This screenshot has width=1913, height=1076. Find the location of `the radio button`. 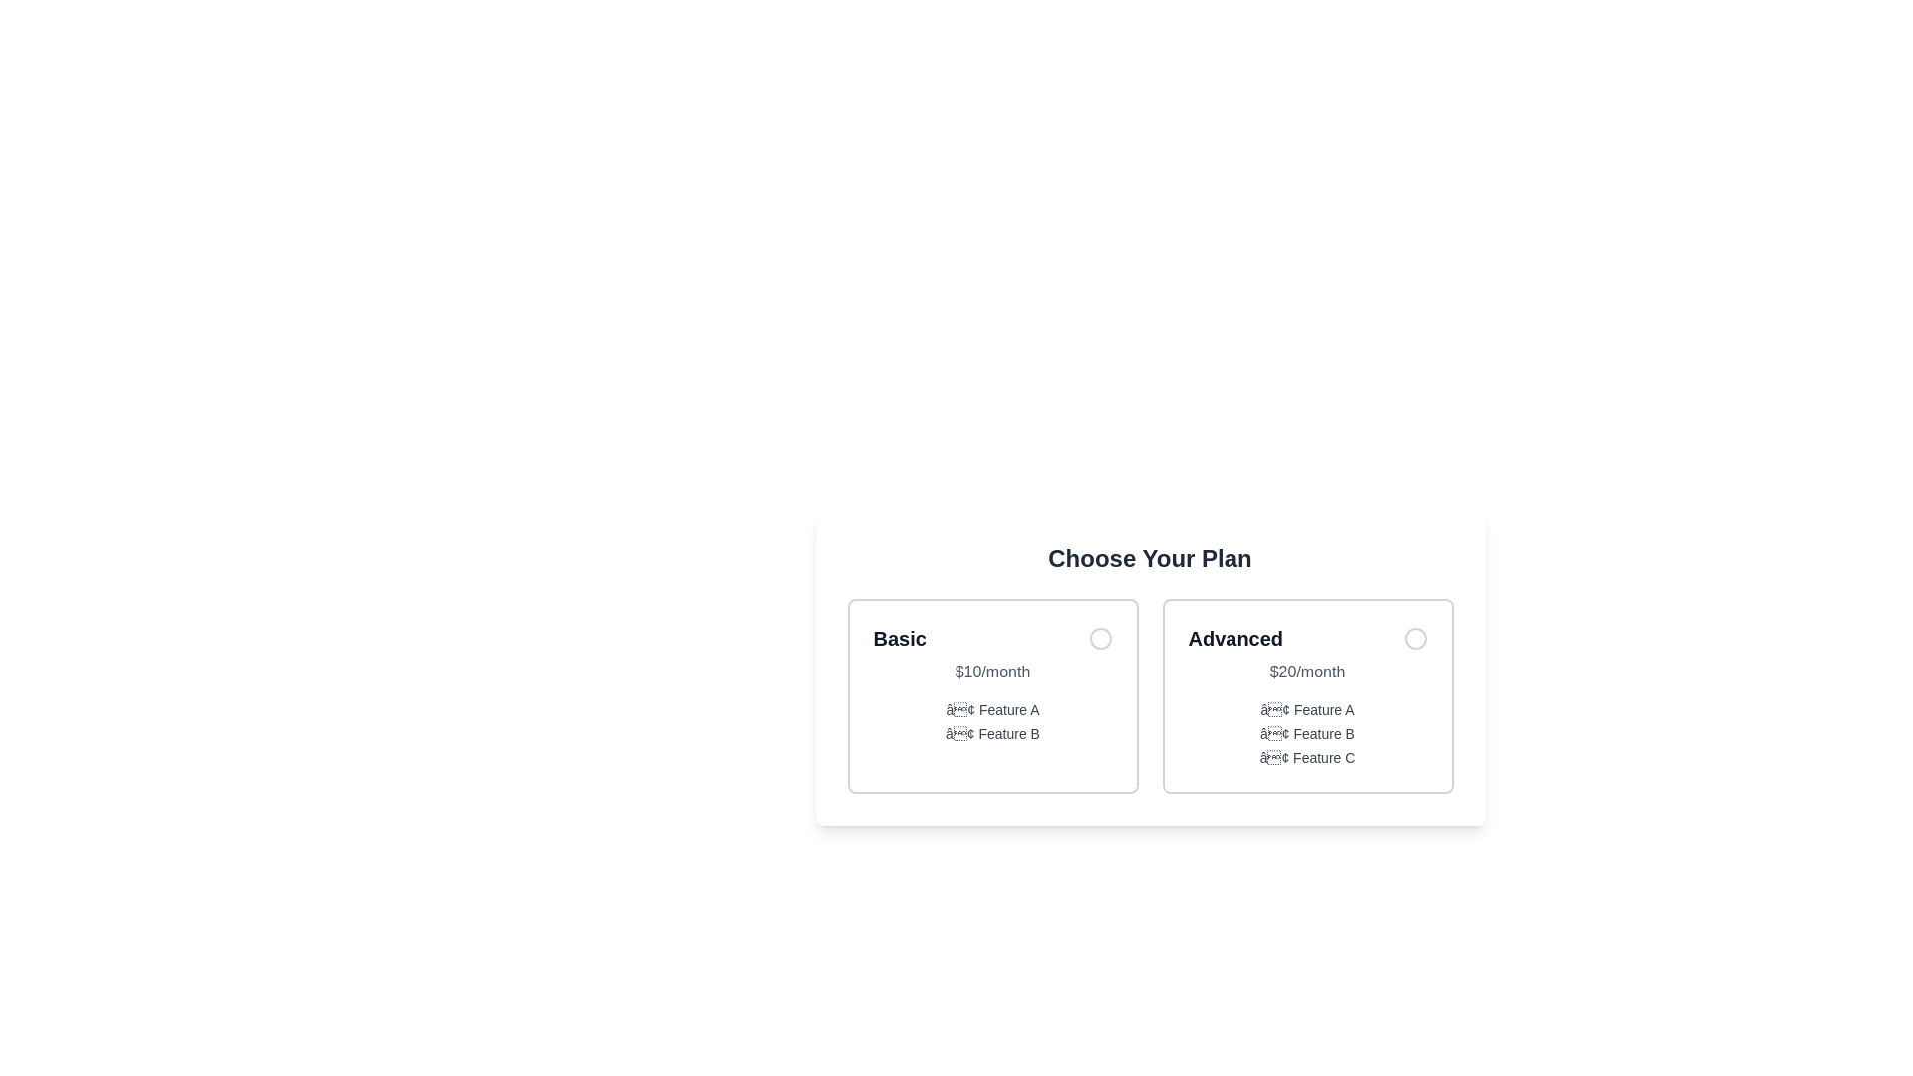

the radio button is located at coordinates (1099, 638).